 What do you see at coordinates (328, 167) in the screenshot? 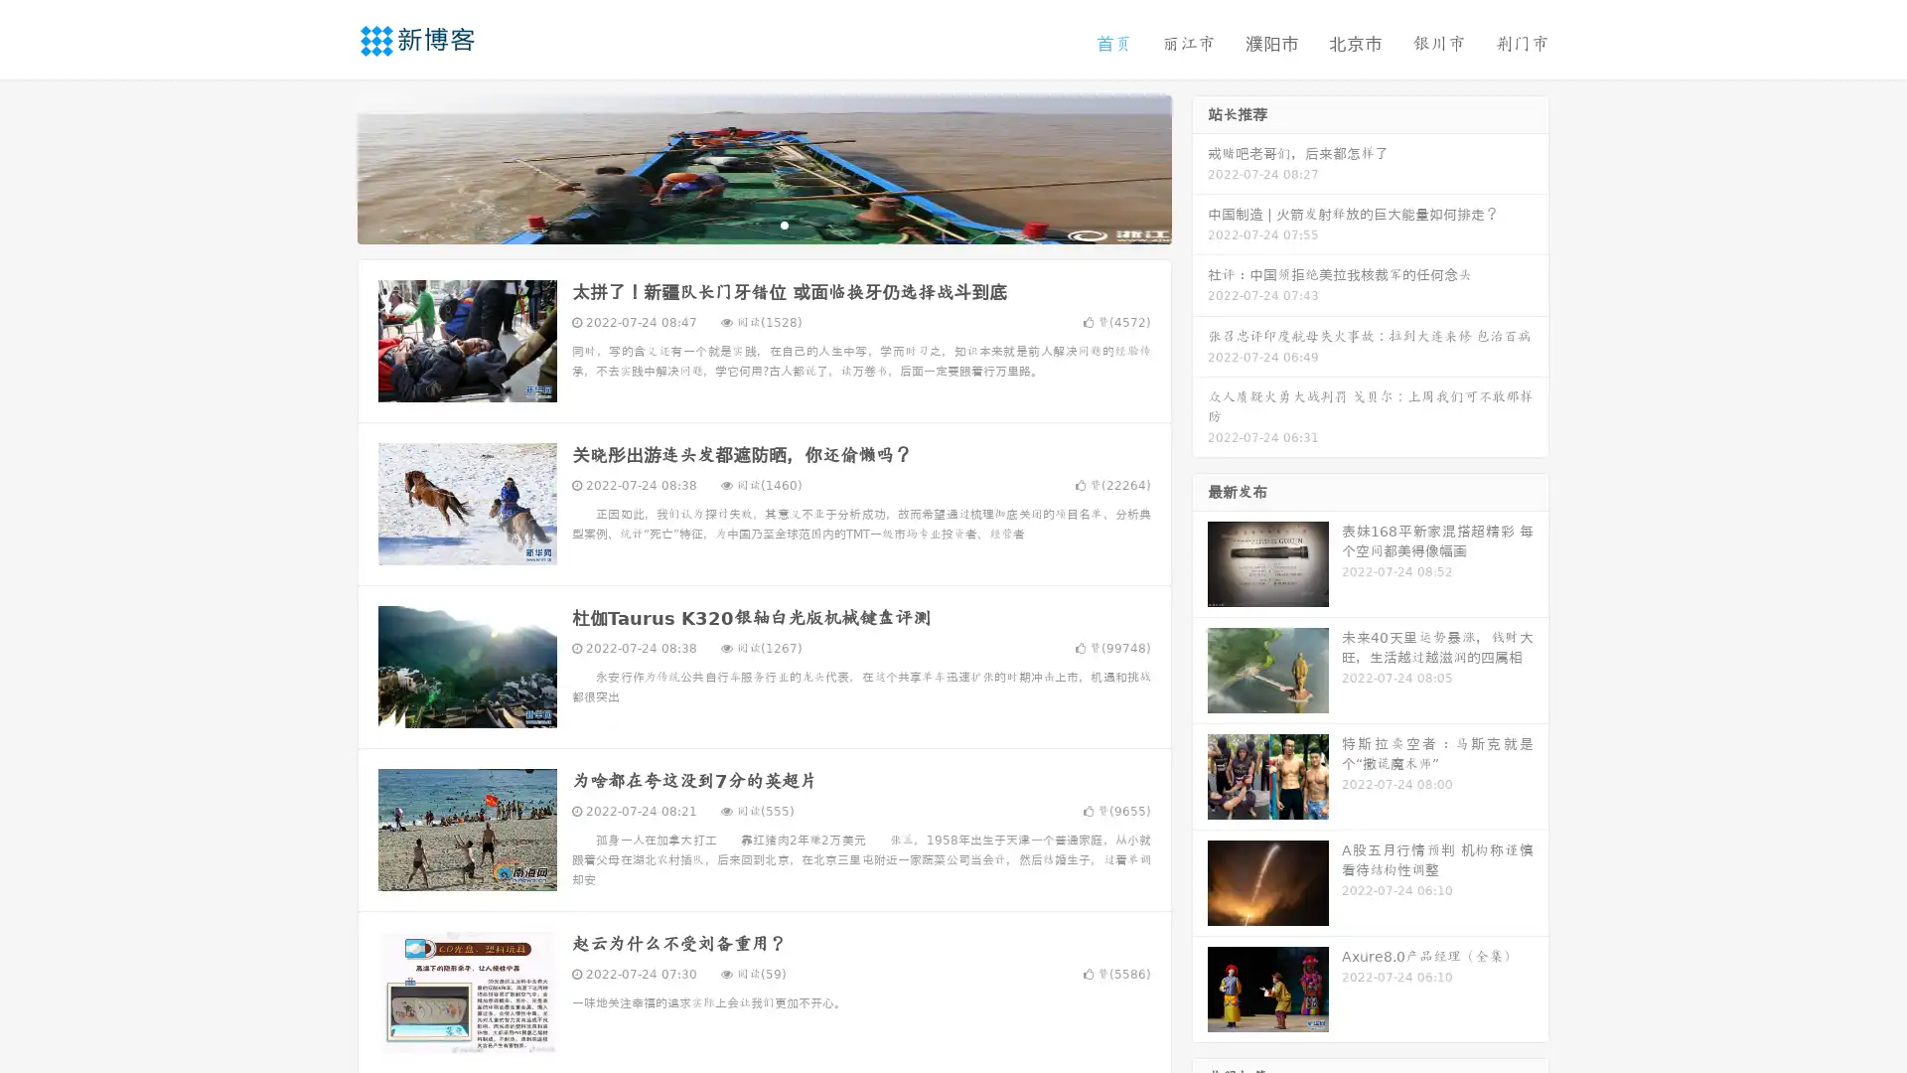
I see `Previous slide` at bounding box center [328, 167].